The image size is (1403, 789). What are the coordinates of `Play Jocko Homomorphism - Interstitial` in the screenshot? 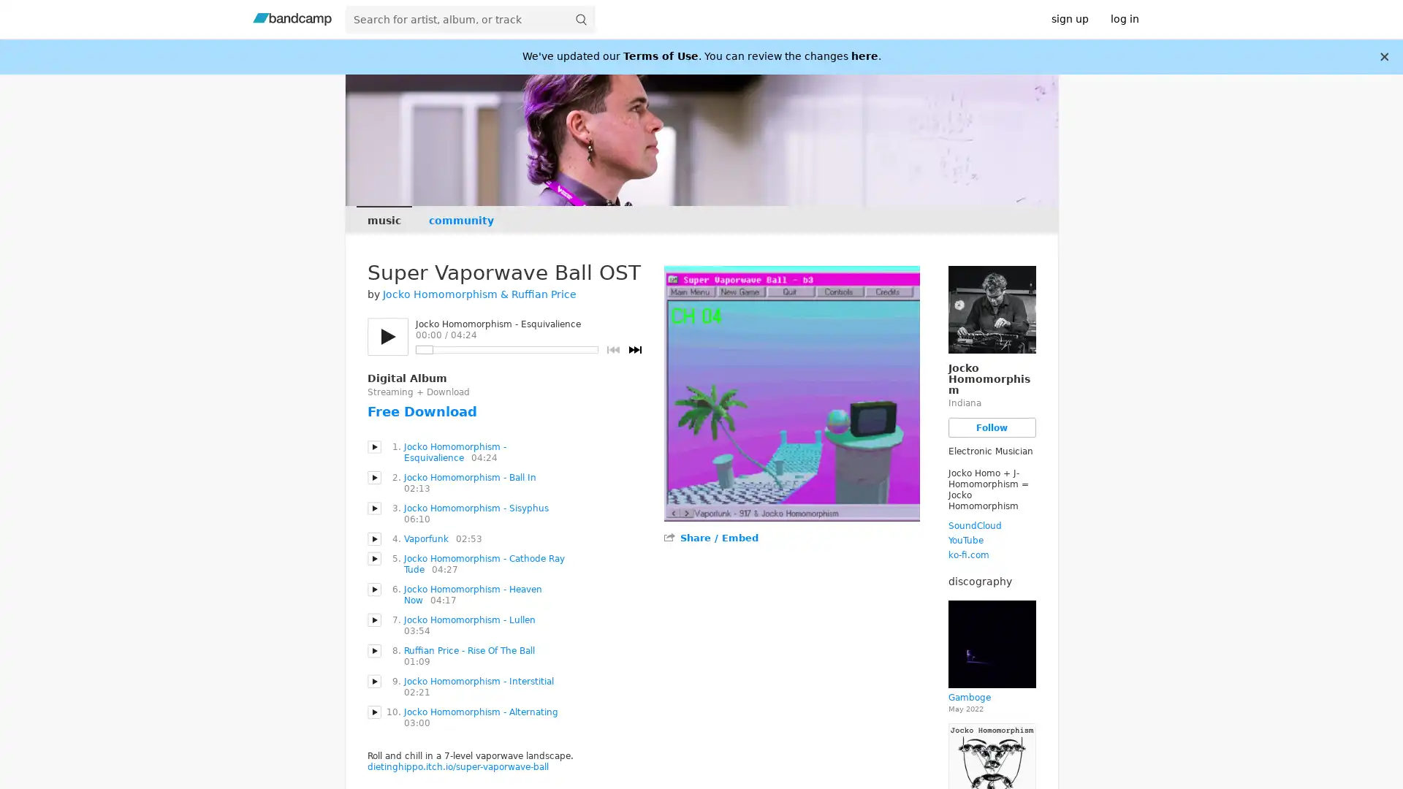 It's located at (373, 682).